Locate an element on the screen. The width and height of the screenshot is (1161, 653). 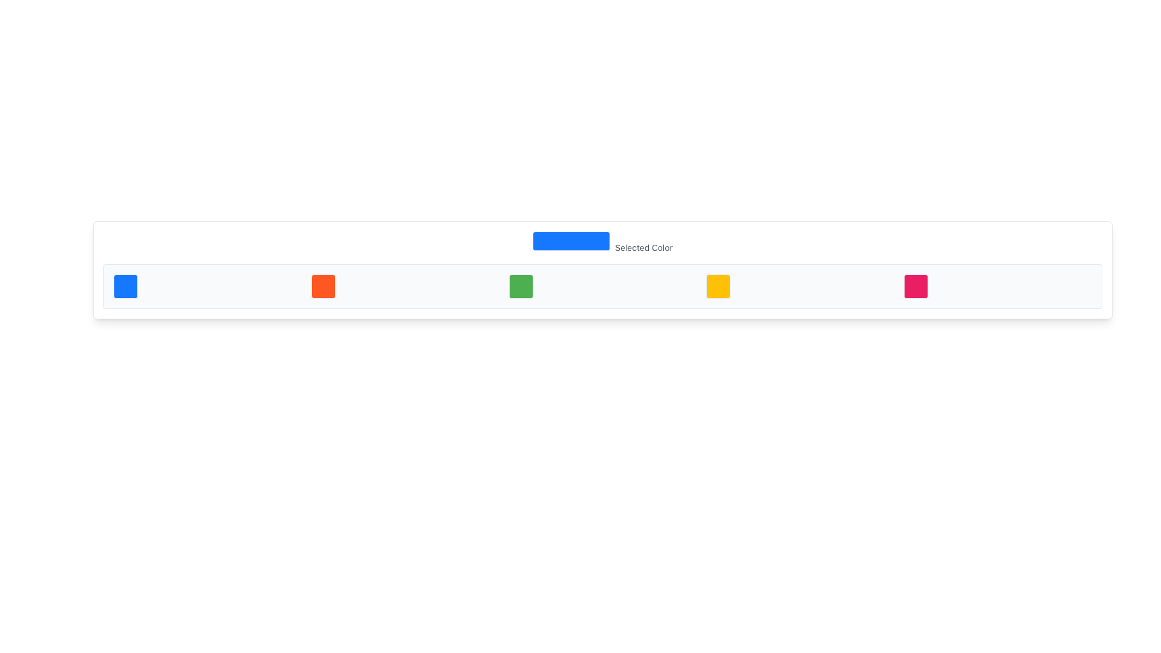
the 'Selected Color' text label and its associated blue rectangular box for accessibility purposes is located at coordinates (603, 242).